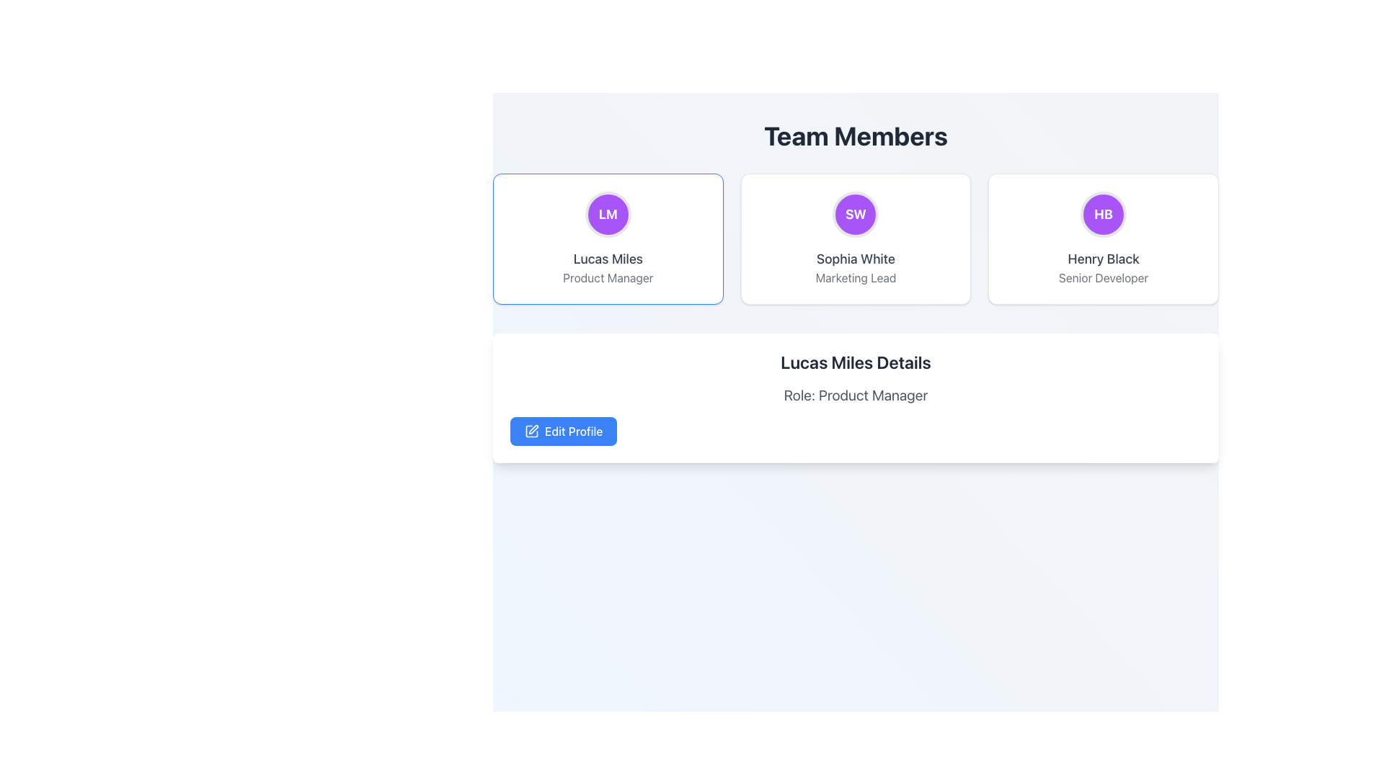 This screenshot has height=778, width=1384. I want to click on the Visual Icon or Avatar, which is a circular component with a purple background and the initials 'SW' centered in bold white text, so click(856, 214).